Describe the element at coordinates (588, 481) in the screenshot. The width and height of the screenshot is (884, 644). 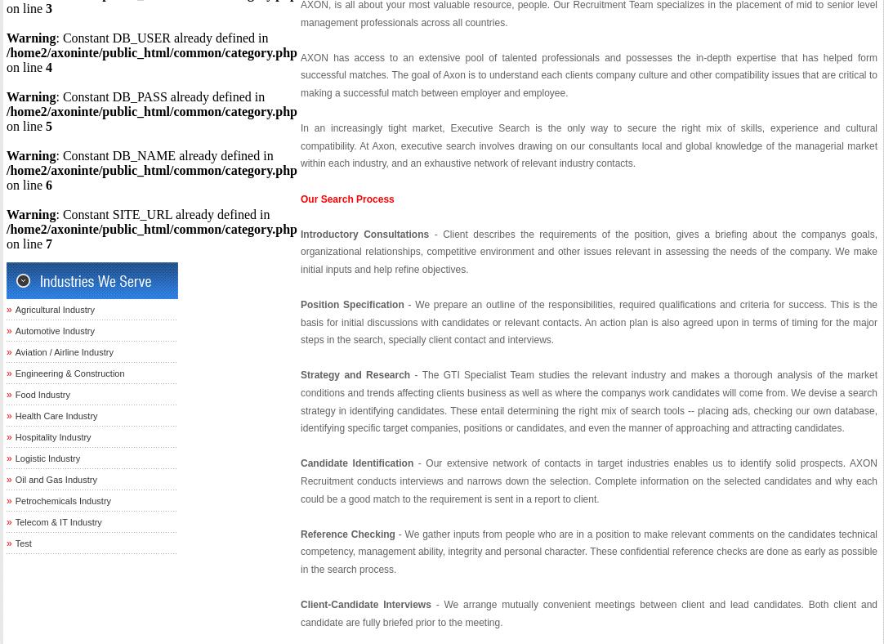
I see `'- Our extensive network of contacts in target industries enables us to identify solid prospects. AXON Recruitment conducts interviews and narrows down the selection. Complete information on the selected candidates and why each could be a good match to the requirement is sent in a report to client.'` at that location.